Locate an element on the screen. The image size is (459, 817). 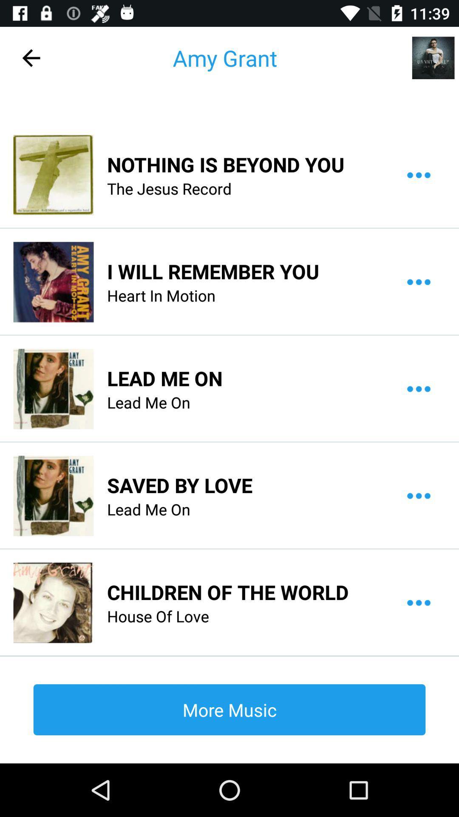
the icon next to the lead me on icon is located at coordinates (53, 388).